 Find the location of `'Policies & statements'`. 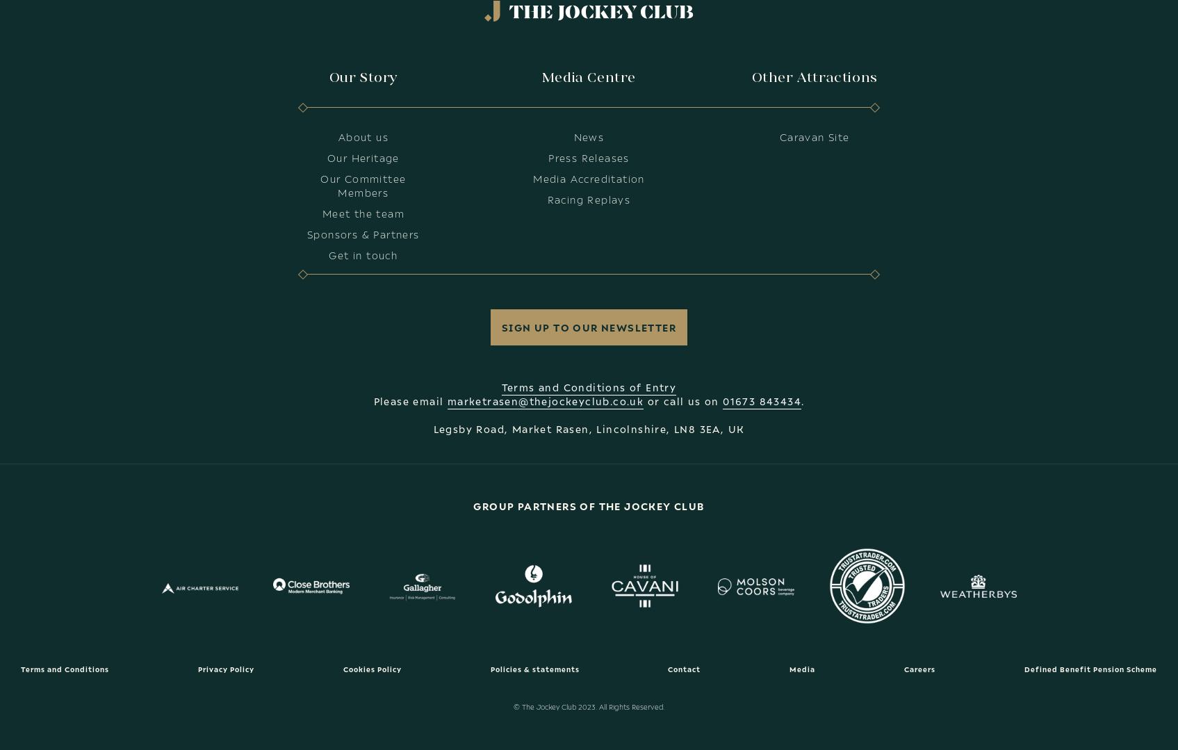

'Policies & statements' is located at coordinates (489, 668).